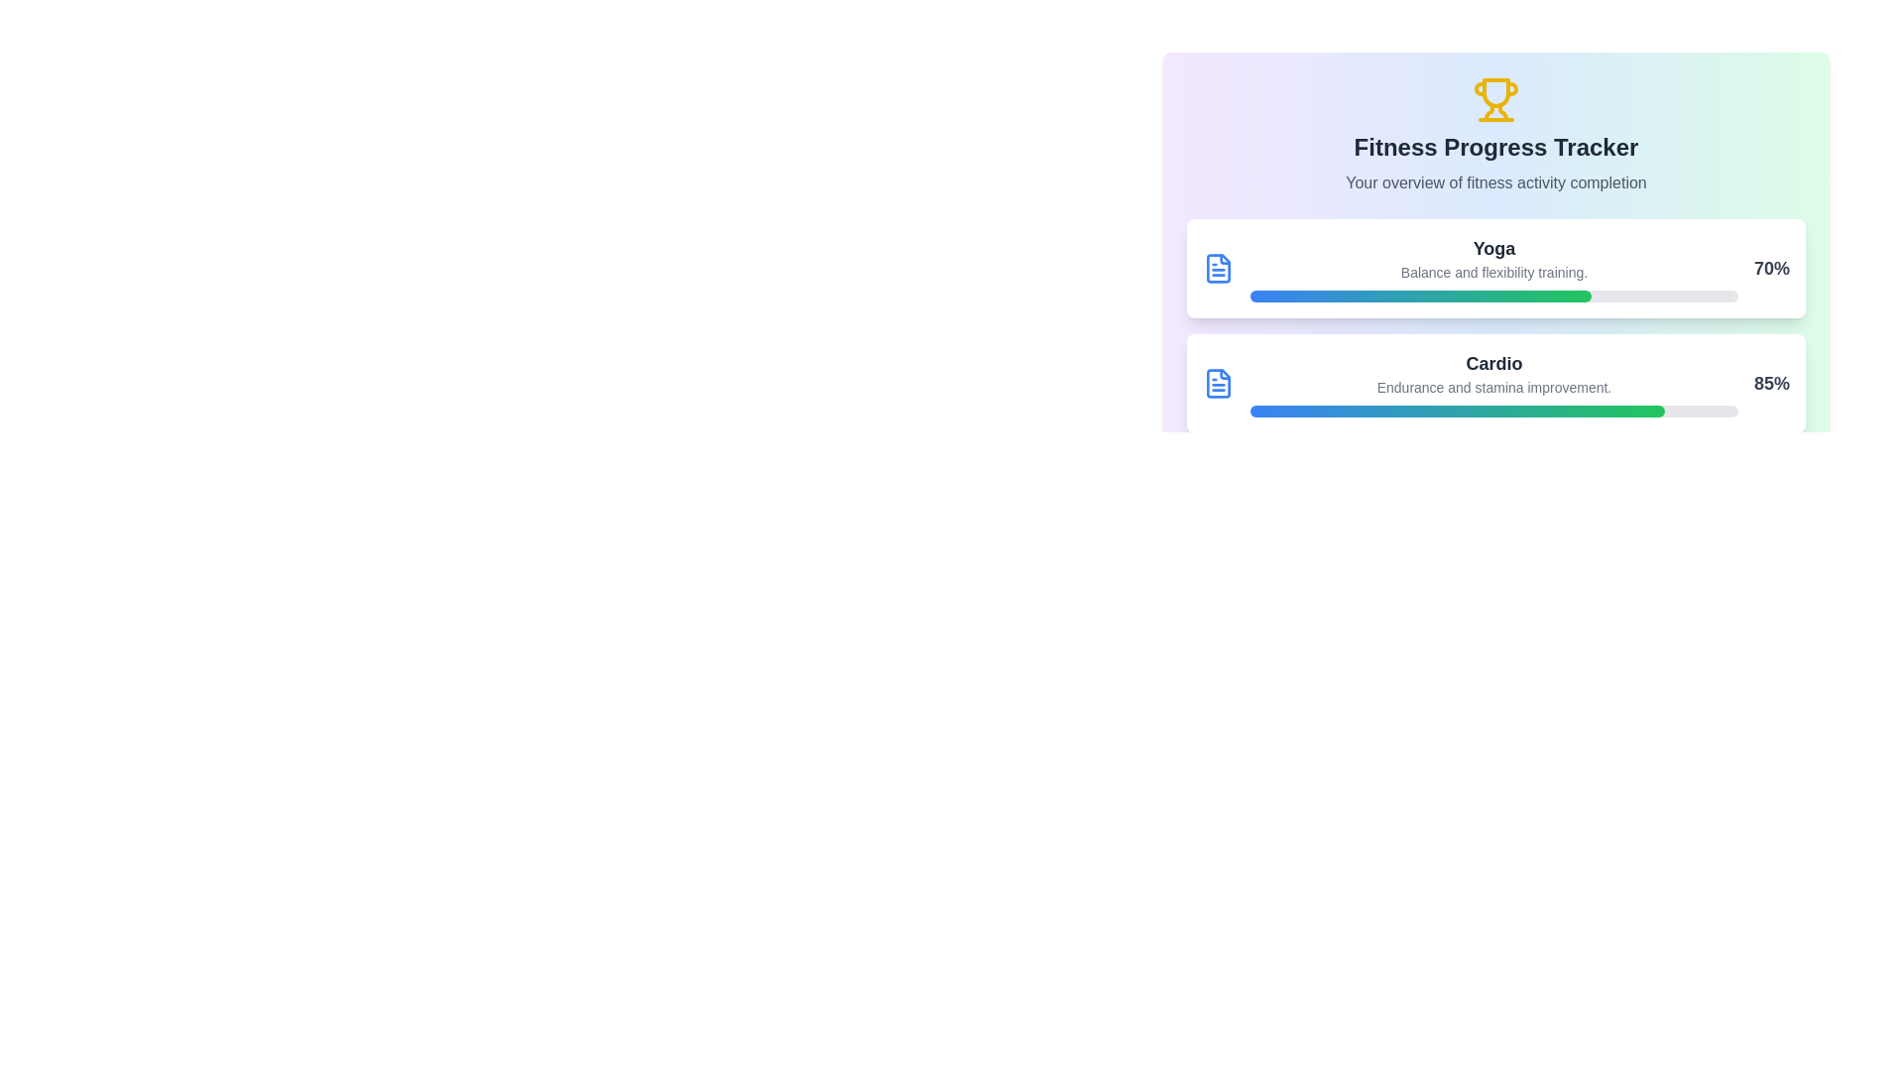  I want to click on the static text element displaying 'Balance and flexibility training.' located below the 'Yoga' heading in the fitness progress tracker, so click(1494, 272).